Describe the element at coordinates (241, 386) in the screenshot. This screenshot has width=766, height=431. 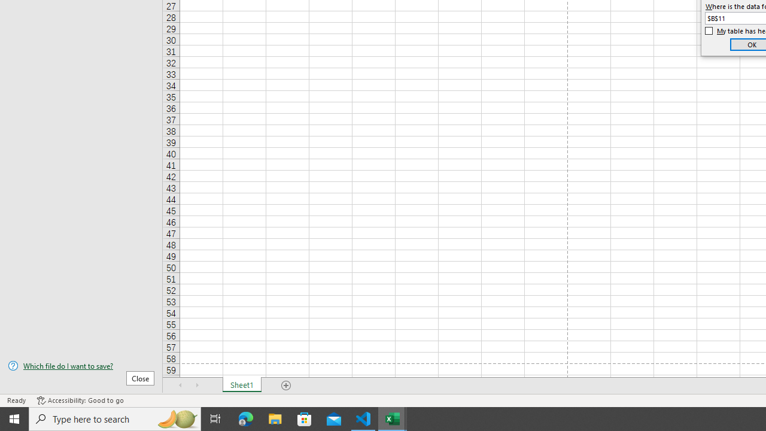
I see `'Sheet1'` at that location.